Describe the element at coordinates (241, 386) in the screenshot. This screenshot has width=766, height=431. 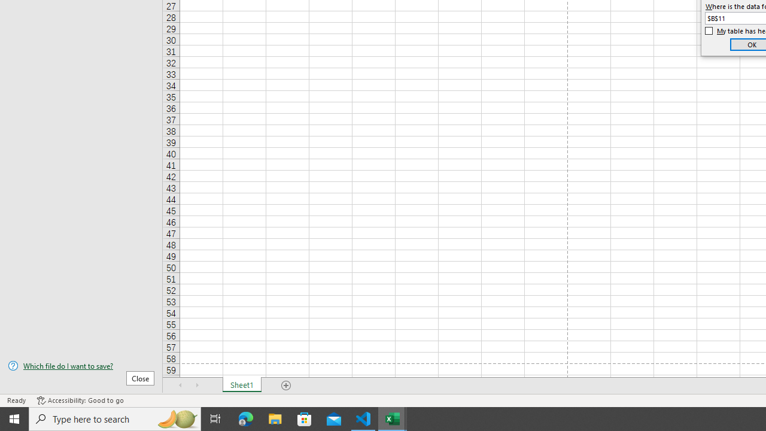
I see `'Sheet1'` at that location.